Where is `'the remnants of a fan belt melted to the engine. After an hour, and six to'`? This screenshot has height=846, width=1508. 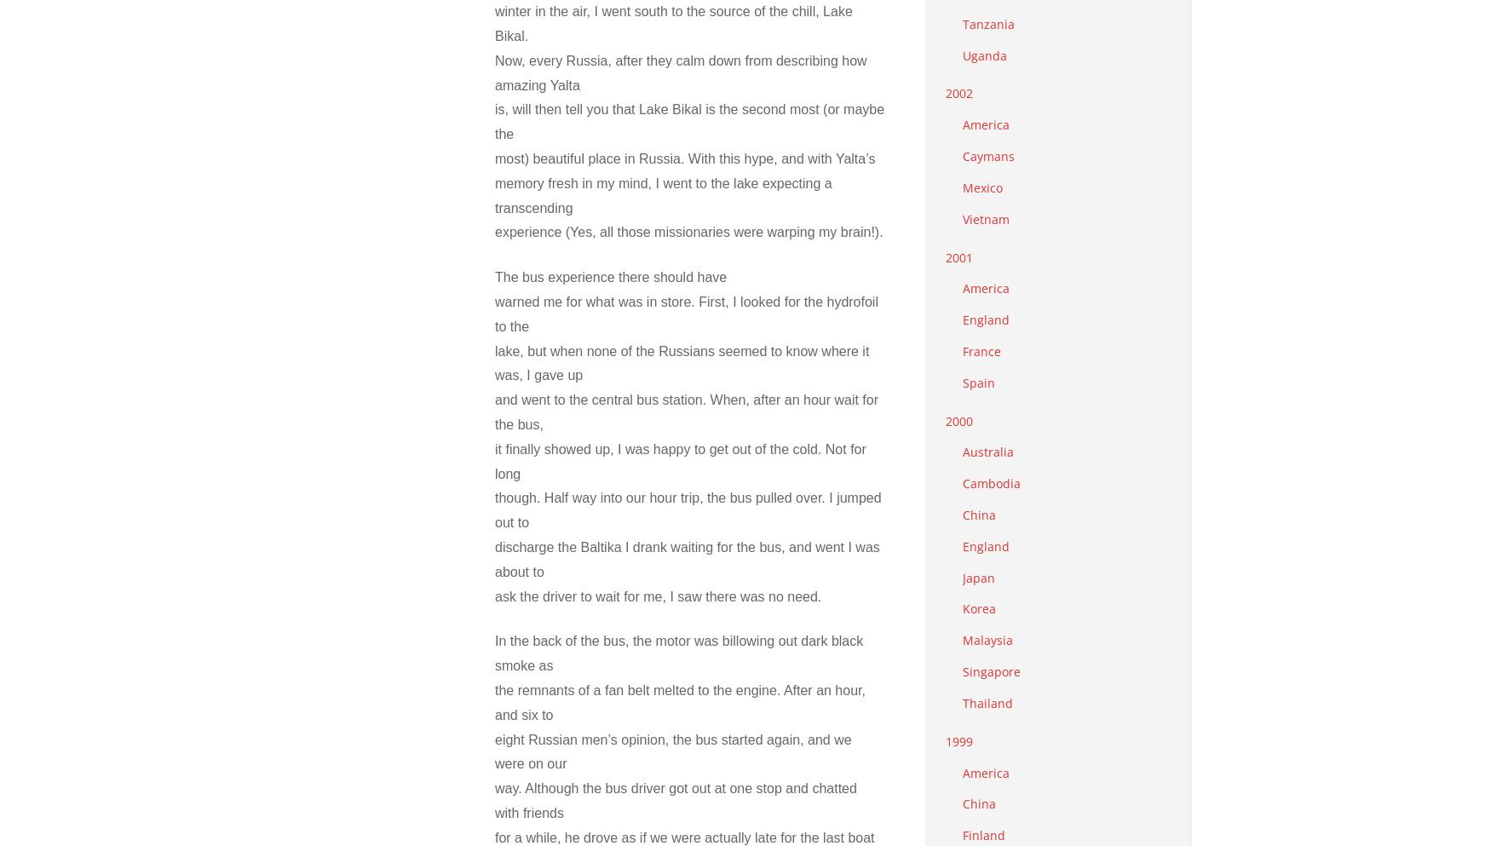
'the remnants of a fan belt melted to the engine. After an hour, and six to' is located at coordinates (679, 701).